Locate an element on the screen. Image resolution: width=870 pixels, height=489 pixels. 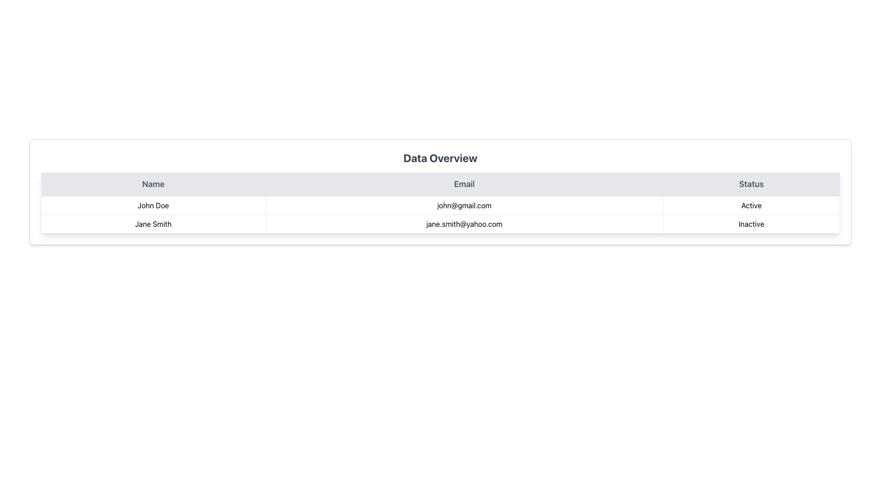
the Static Text Label displaying 'Active' in the Status column of the table, which is located in the first row, third cell under the 'Status' heading is located at coordinates (751, 206).